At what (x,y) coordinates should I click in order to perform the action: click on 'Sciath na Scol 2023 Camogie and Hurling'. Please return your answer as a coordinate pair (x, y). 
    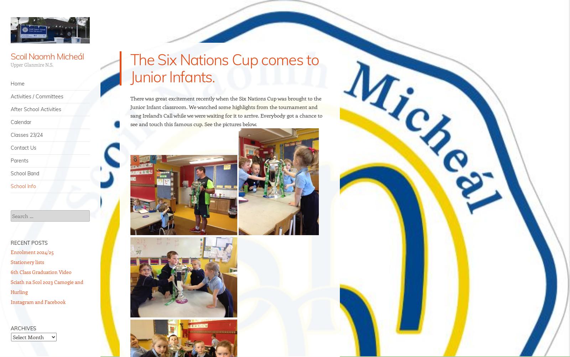
    Looking at the image, I should click on (47, 286).